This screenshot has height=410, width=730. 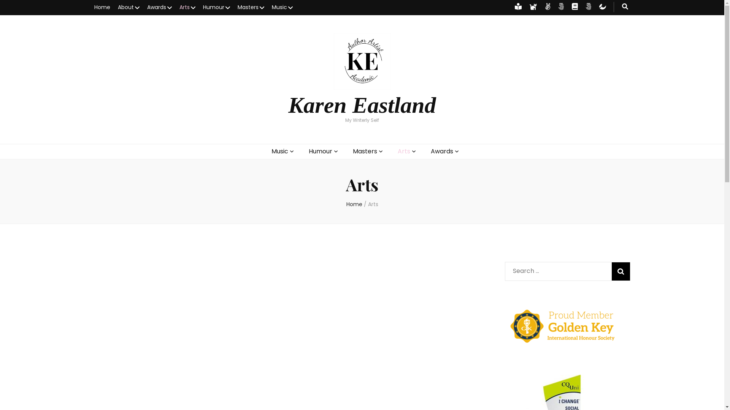 What do you see at coordinates (250, 7) in the screenshot?
I see `'Masters'` at bounding box center [250, 7].